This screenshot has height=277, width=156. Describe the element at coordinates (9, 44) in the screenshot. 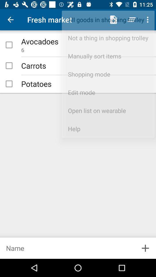

I see `check mark item` at that location.